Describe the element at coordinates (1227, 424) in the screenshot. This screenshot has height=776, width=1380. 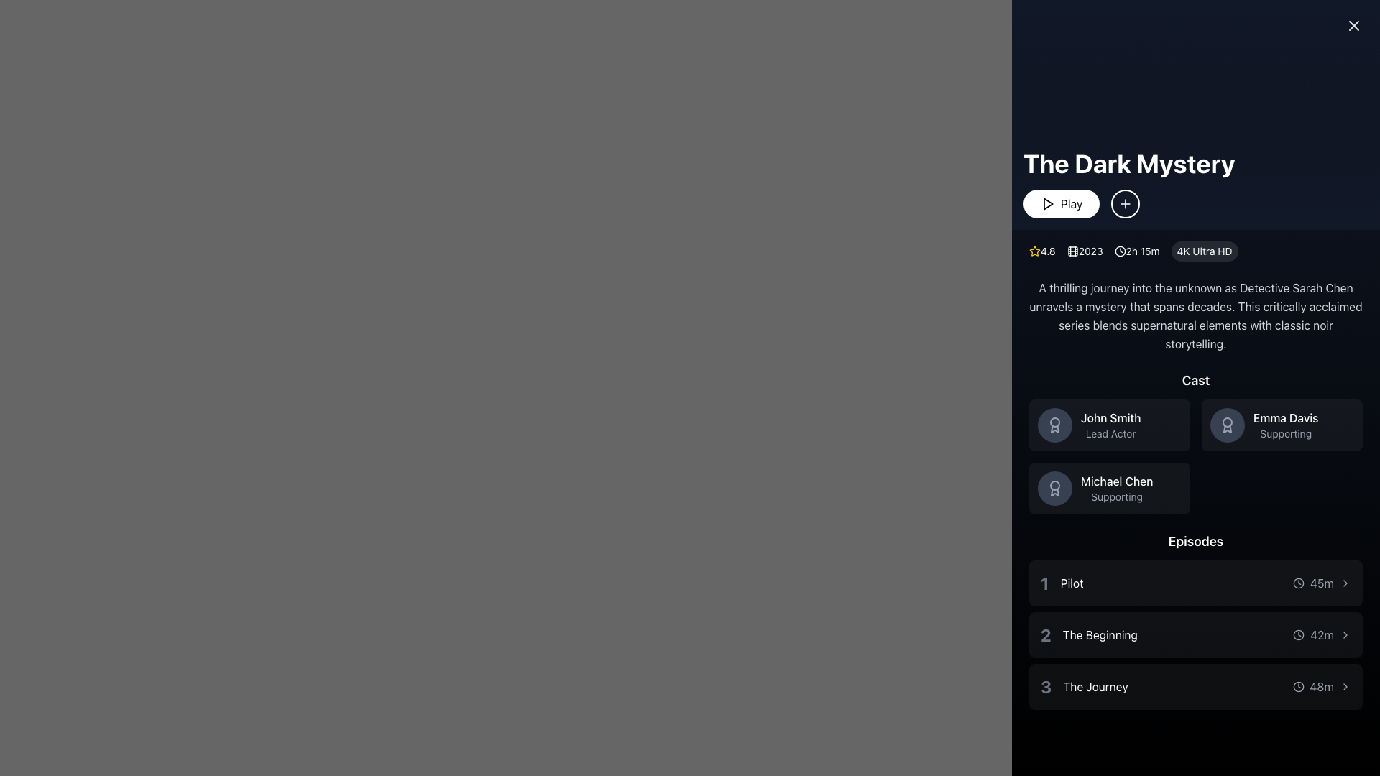
I see `the icon representing 'Emma Davis' located in the 'Cast' section of the interface, positioned to the left of the text 'Emma Davis'` at that location.